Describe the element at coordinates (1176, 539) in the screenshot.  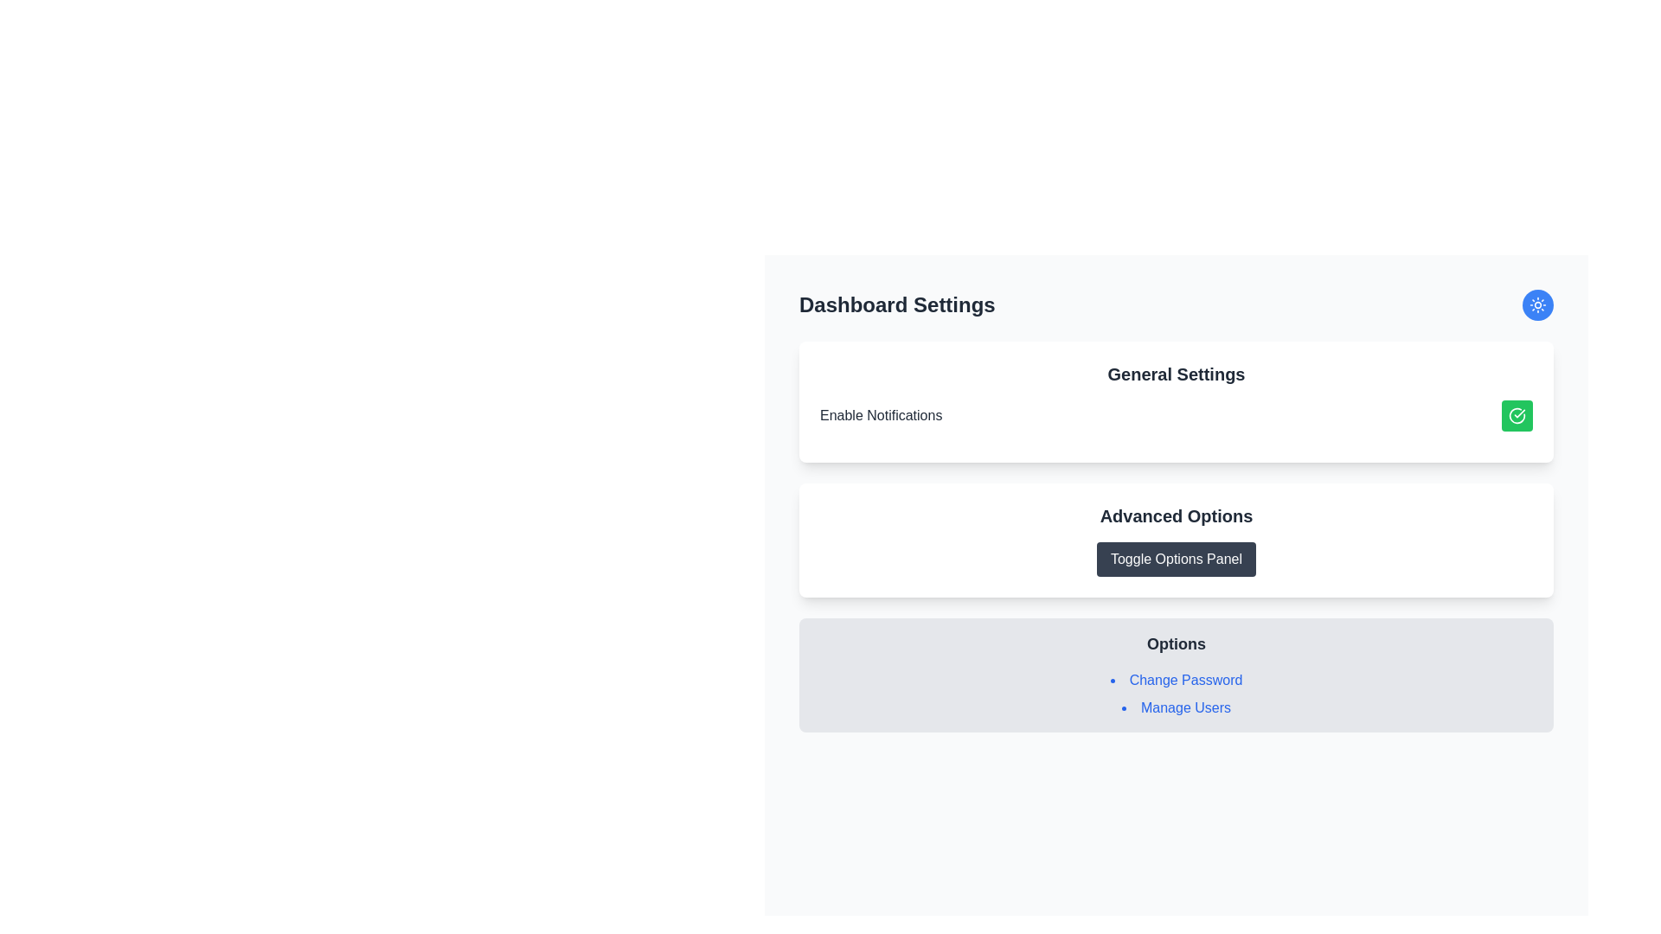
I see `the 'Toggle Options Panel' button located within the 'Advanced Options' section, which is a white rectangular section with a bold headline and a grey button with white text` at that location.